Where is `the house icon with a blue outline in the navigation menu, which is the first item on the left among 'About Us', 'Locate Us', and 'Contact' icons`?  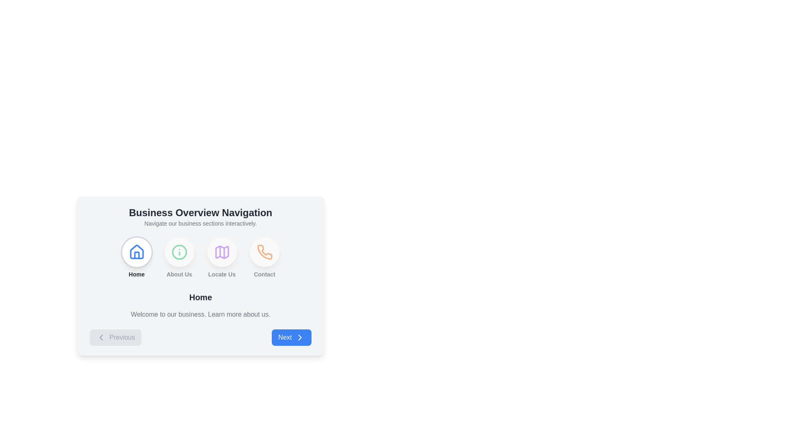 the house icon with a blue outline in the navigation menu, which is the first item on the left among 'About Us', 'Locate Us', and 'Contact' icons is located at coordinates (136, 251).